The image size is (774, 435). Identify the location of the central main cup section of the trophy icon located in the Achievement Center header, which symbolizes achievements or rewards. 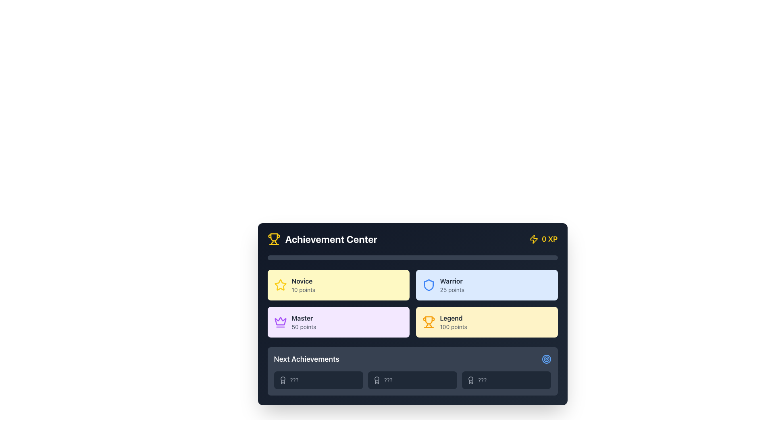
(274, 237).